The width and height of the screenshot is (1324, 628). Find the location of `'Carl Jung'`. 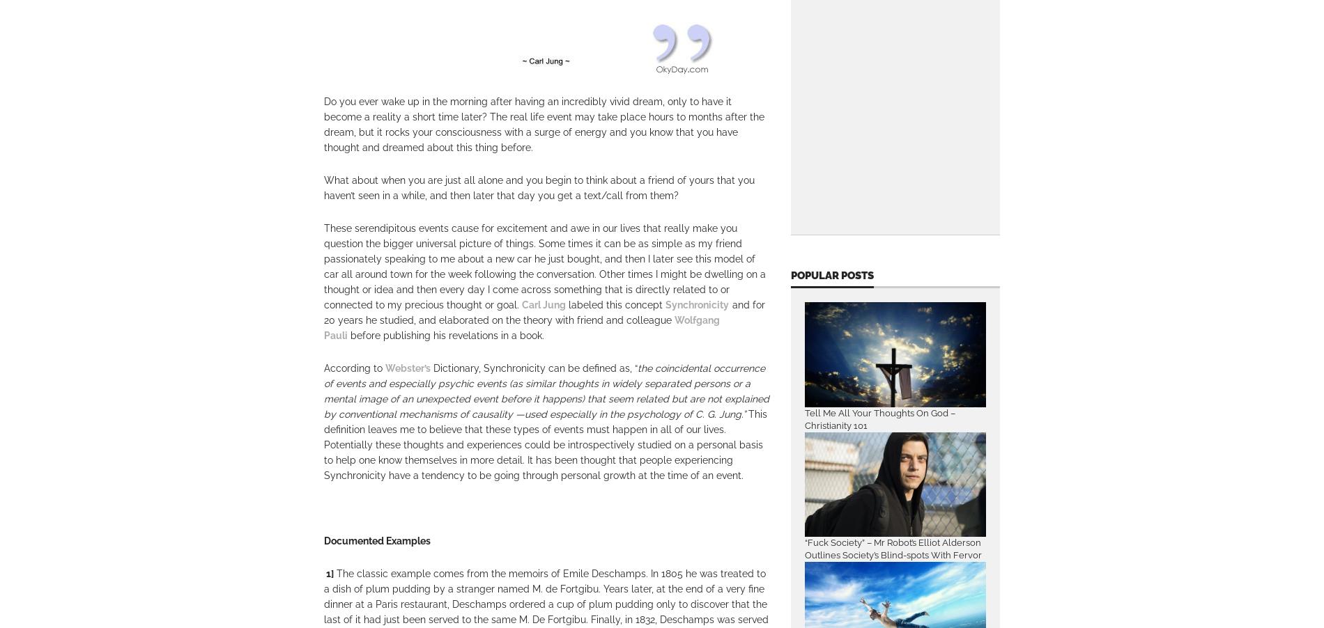

'Carl Jung' is located at coordinates (521, 305).